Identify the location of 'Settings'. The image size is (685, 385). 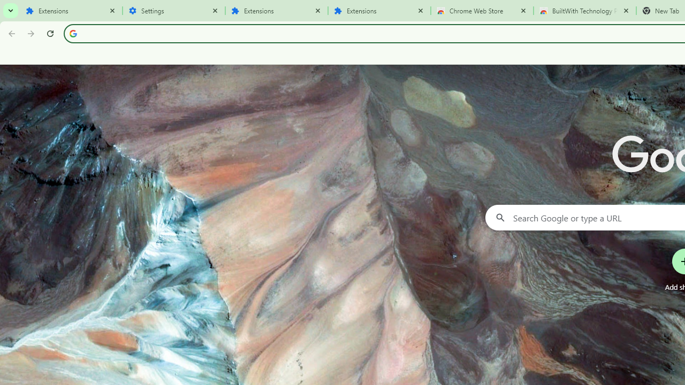
(174, 11).